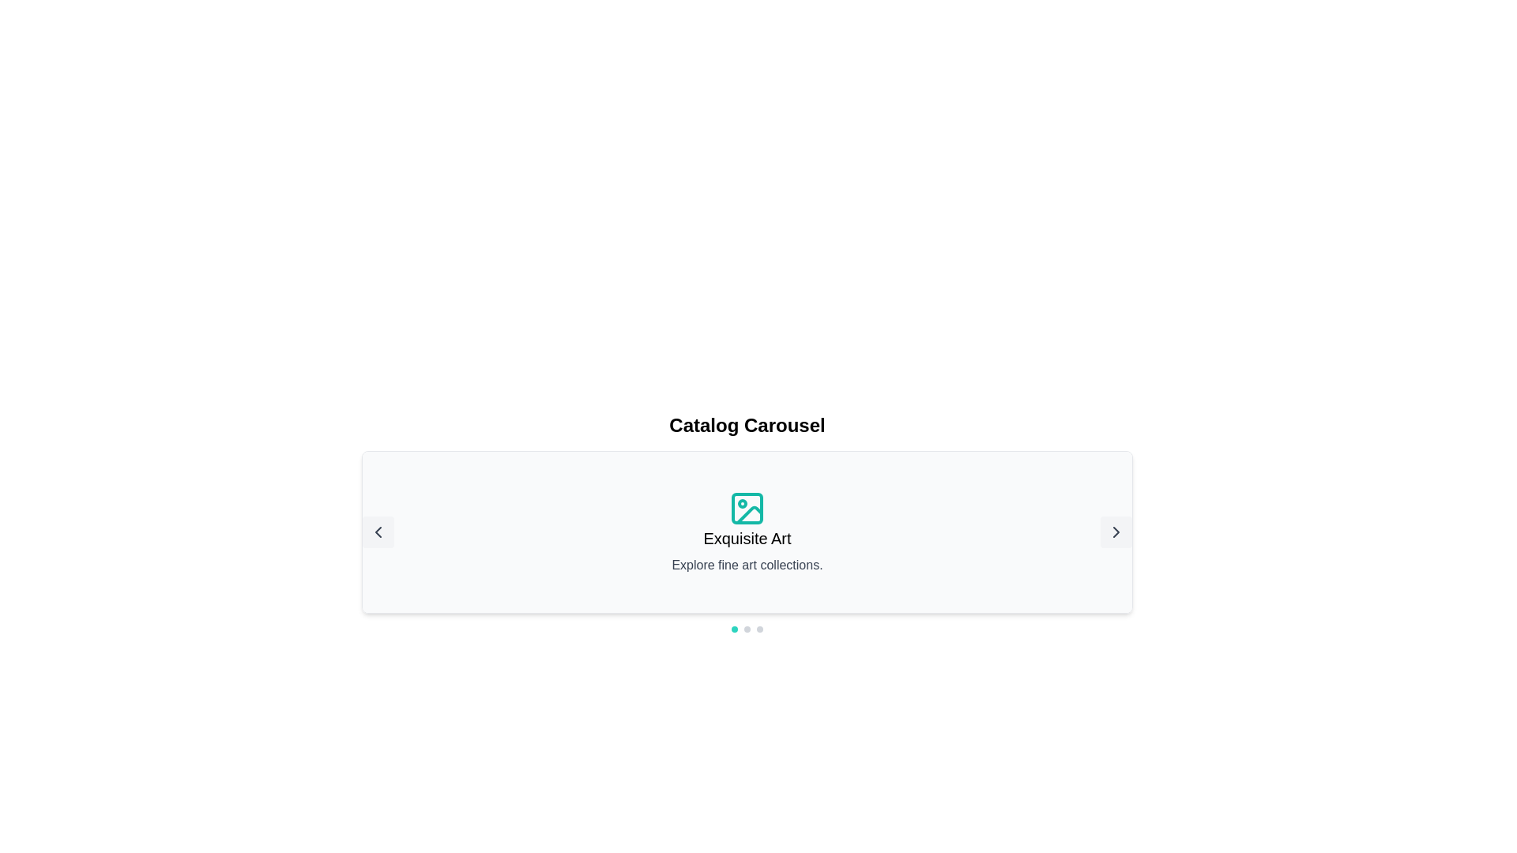  What do you see at coordinates (746, 509) in the screenshot?
I see `the rectangle graphic component that represents the background or frame of the SVG icon in the top-left corner of the interface, which is part of the layout card containing the text 'Exquisite Art'` at bounding box center [746, 509].